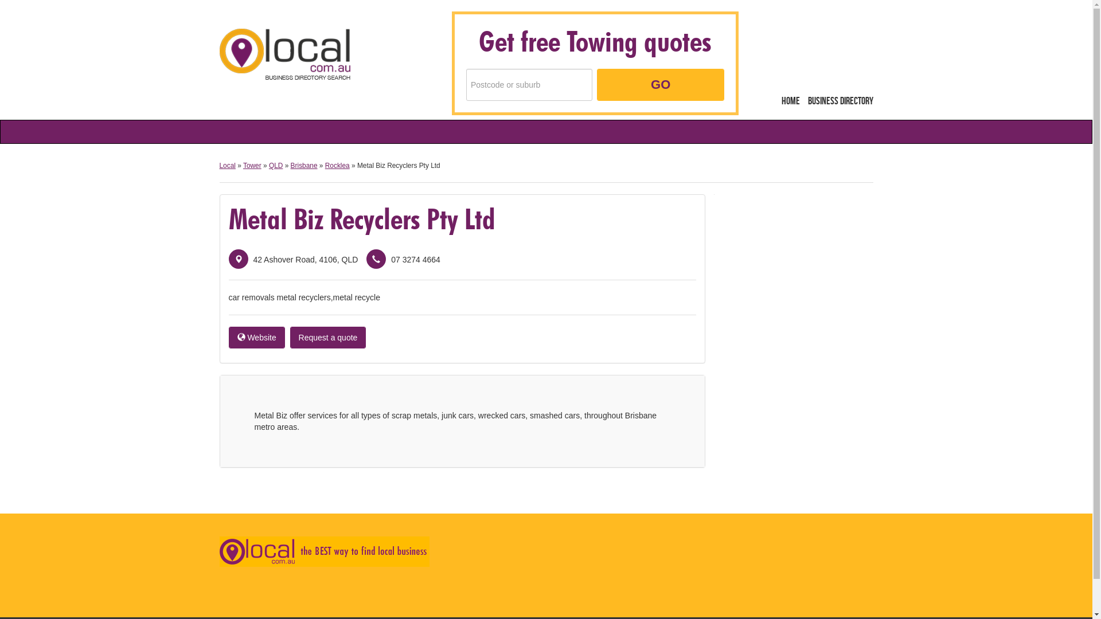 Image resolution: width=1101 pixels, height=619 pixels. What do you see at coordinates (227, 166) in the screenshot?
I see `'Local'` at bounding box center [227, 166].